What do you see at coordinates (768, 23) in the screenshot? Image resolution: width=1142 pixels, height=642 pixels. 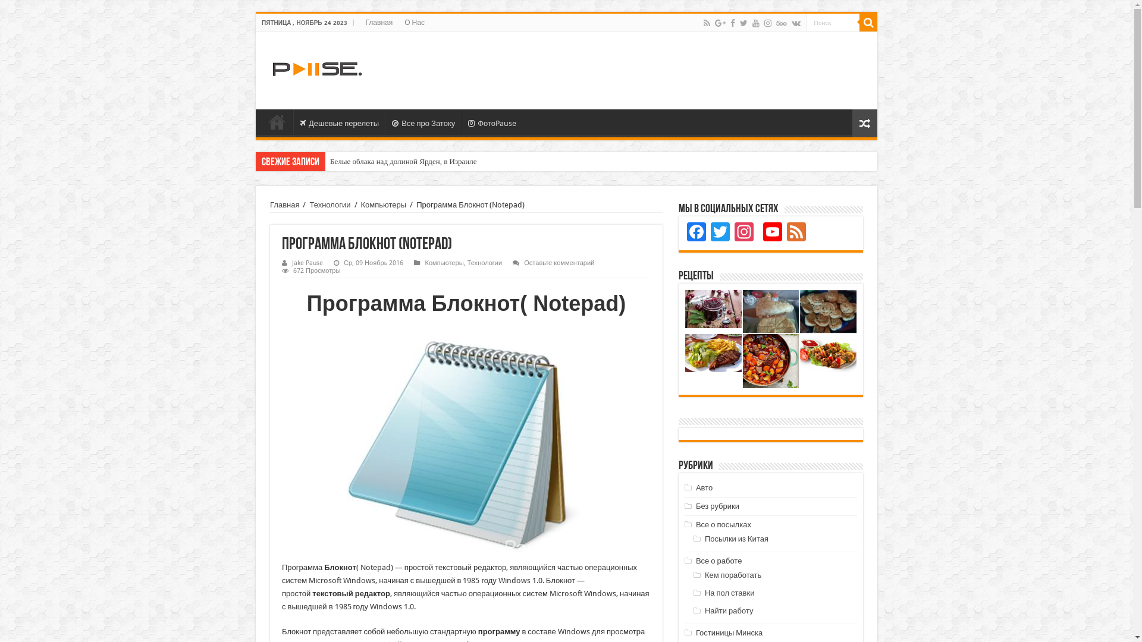 I see `'instagram'` at bounding box center [768, 23].